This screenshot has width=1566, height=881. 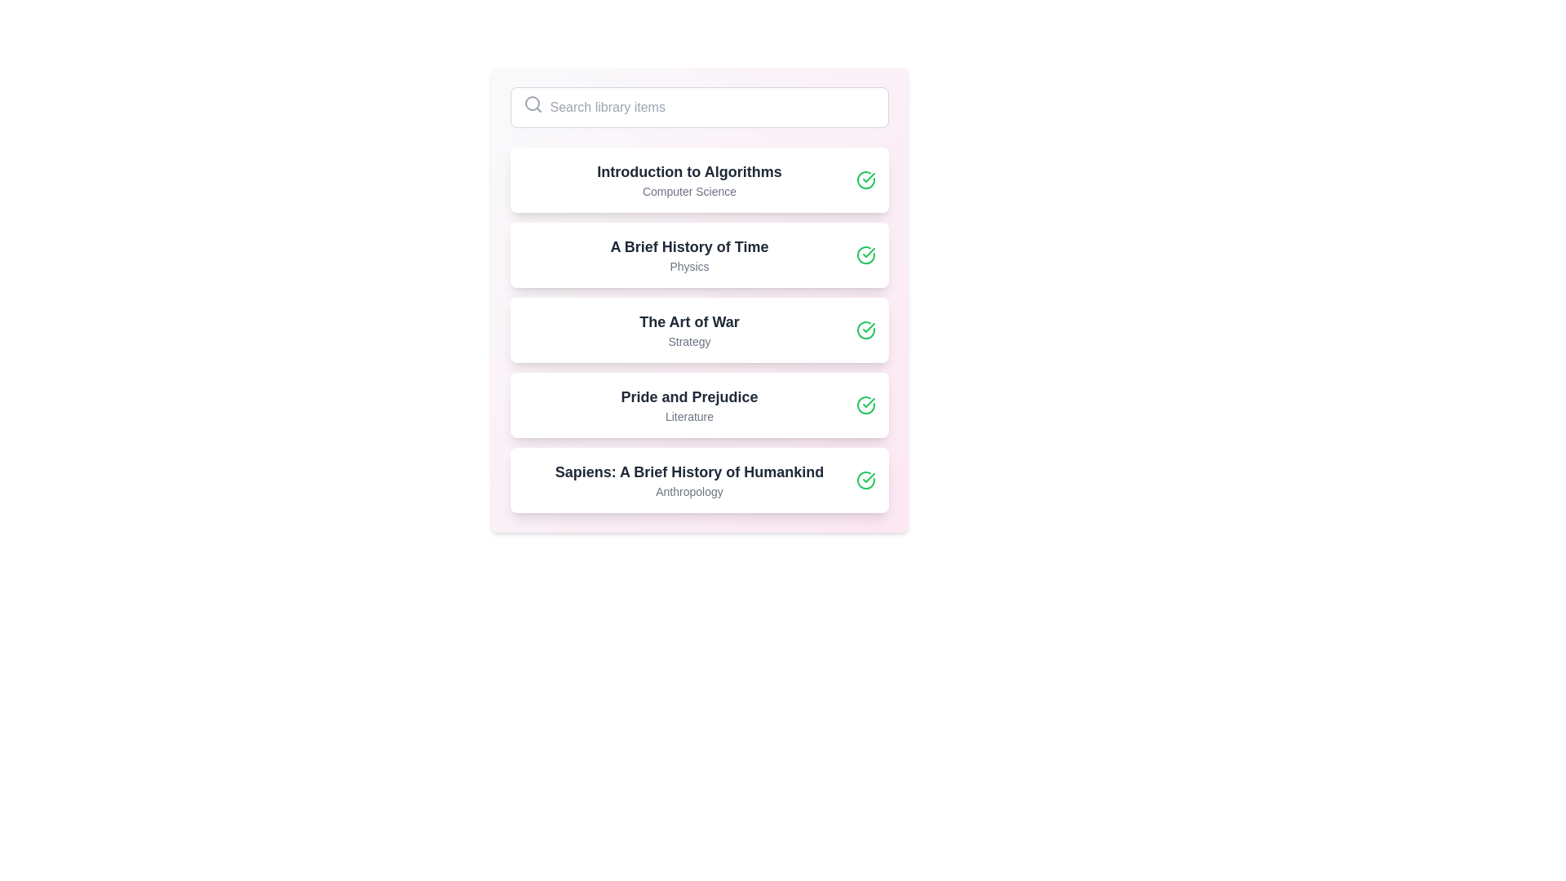 I want to click on the green checkmark icon in the top-right corner of the 'Introduction to Algorithms' card, which indicates a successful action, so click(x=865, y=179).